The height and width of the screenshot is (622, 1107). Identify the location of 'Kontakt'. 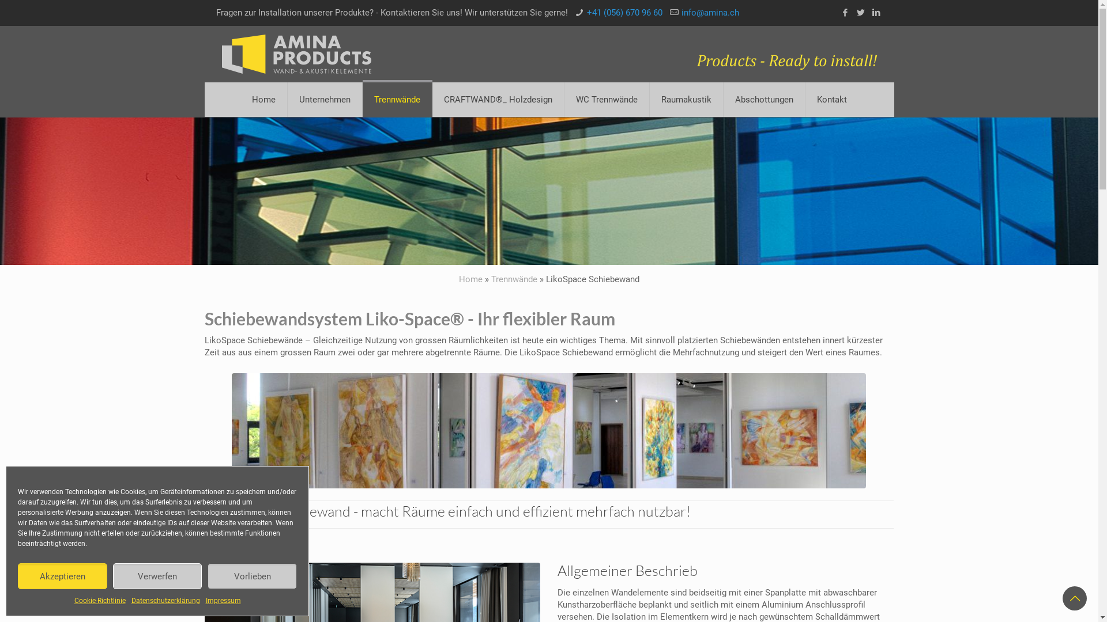
(831, 99).